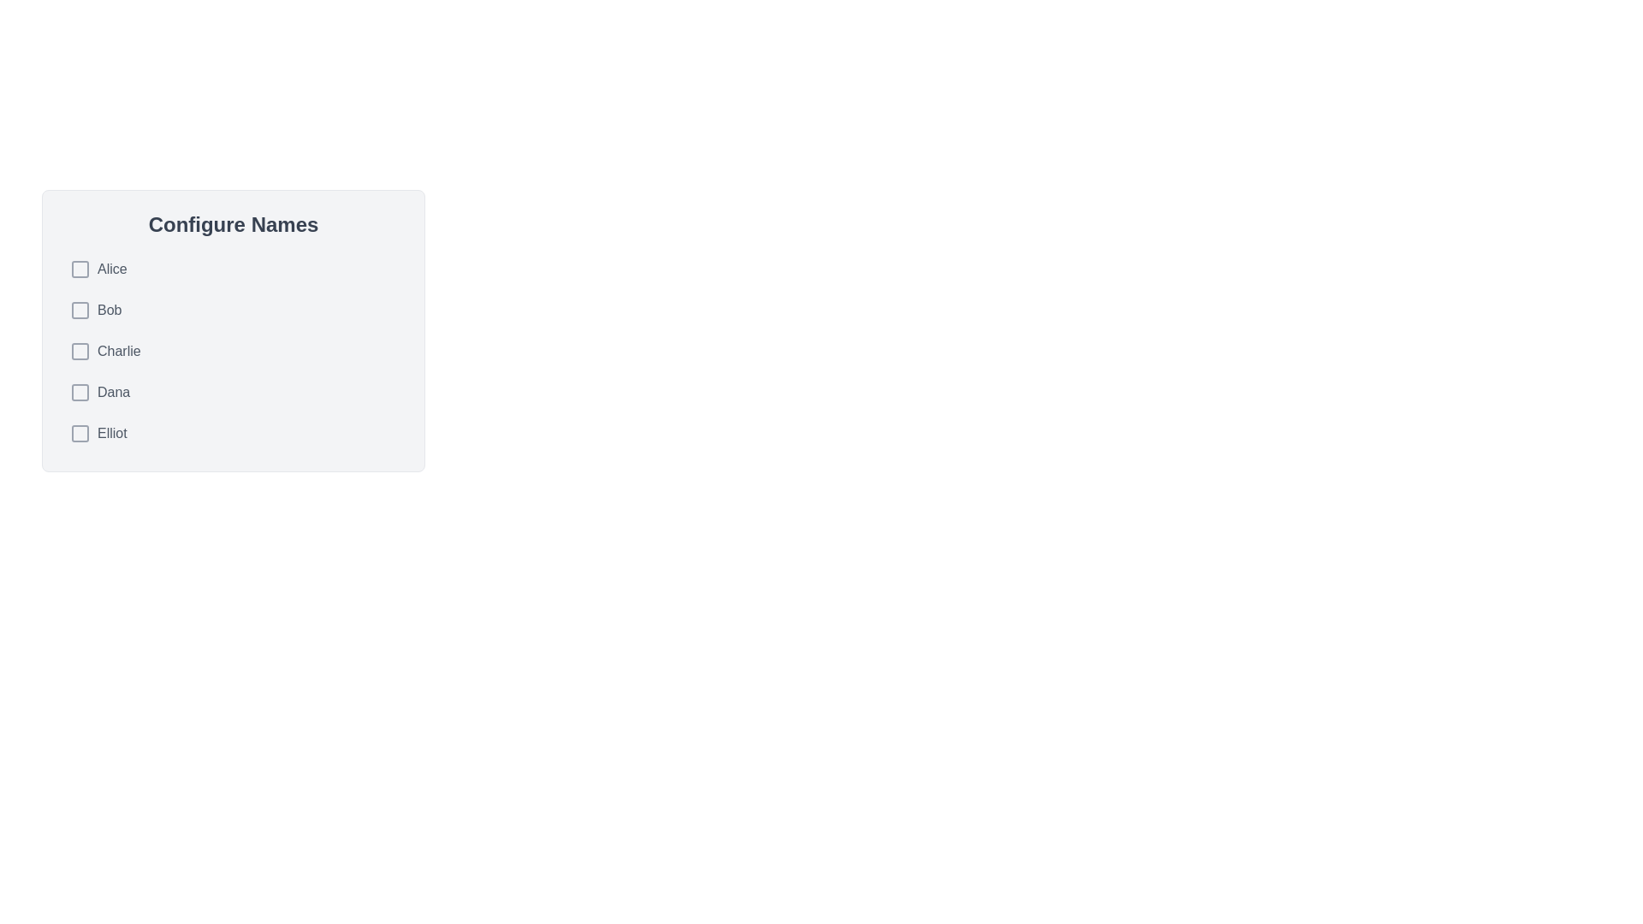 This screenshot has width=1643, height=924. I want to click on the text label for the name 'Bob' in the 'Configure Names' section, which is the second entry in the list, so click(109, 310).